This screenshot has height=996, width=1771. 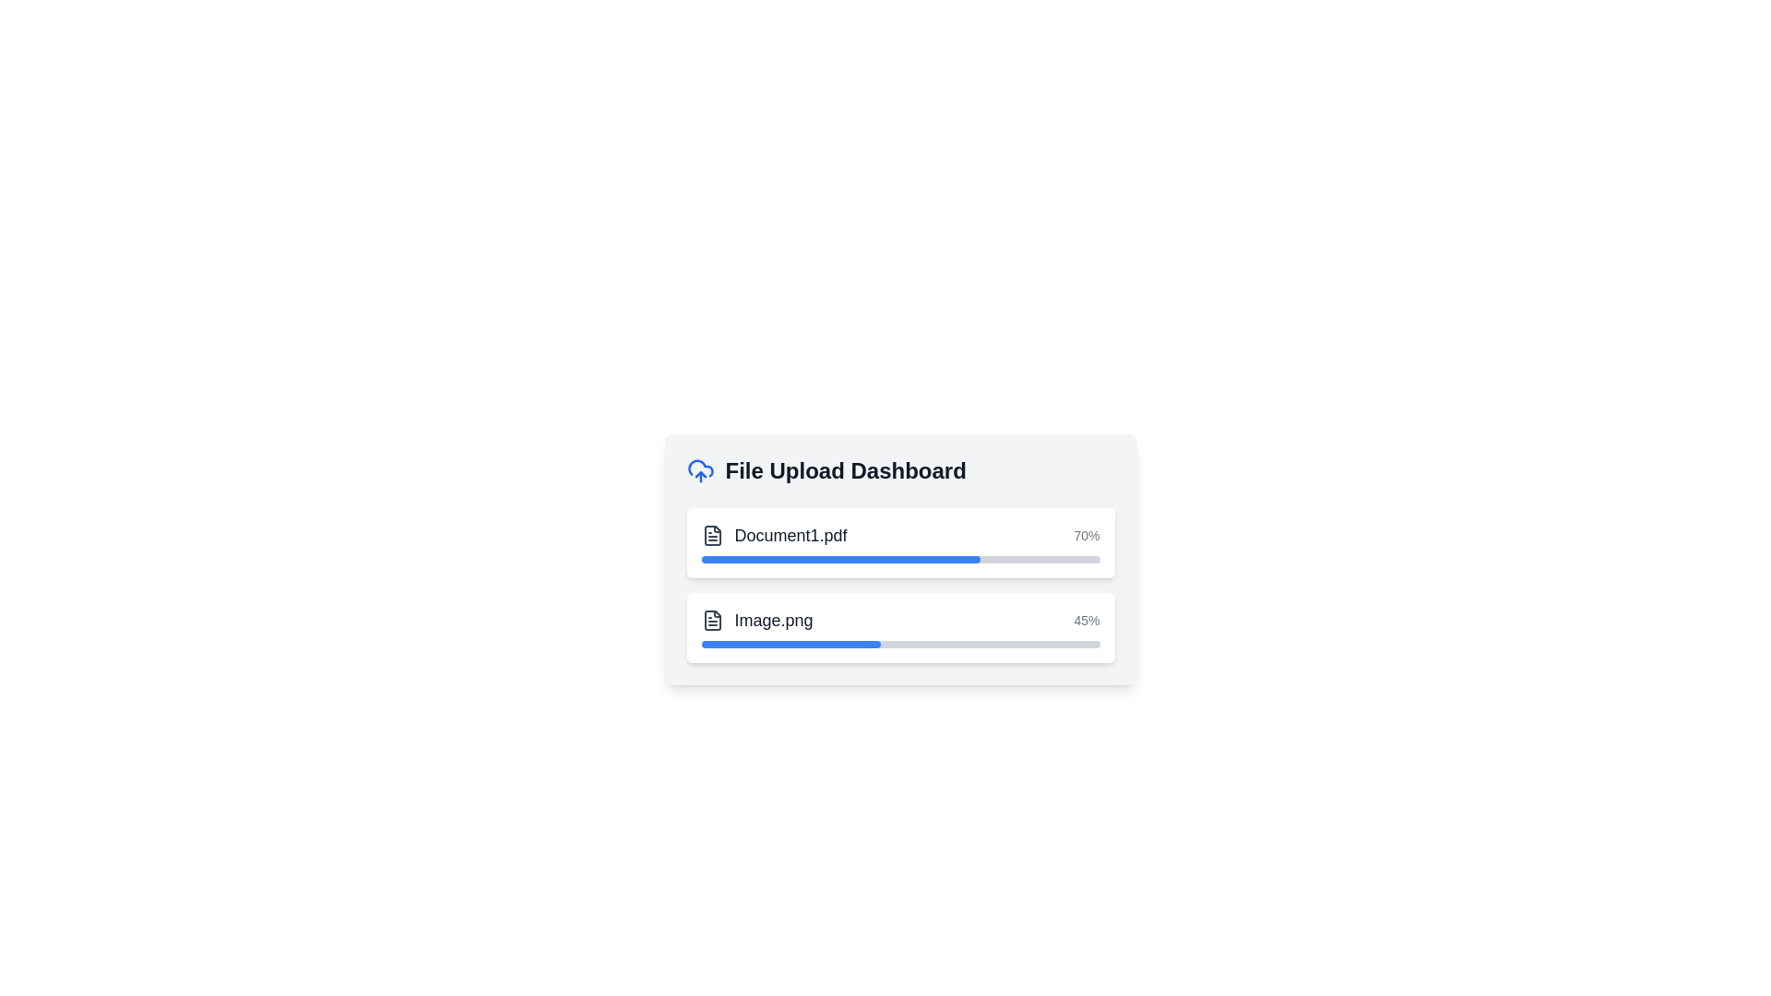 I want to click on the heading or text label that indicates the purpose of the file upload dashboard, which is positioned to the right of the cloud upload icon and above the file progress bars, so click(x=845, y=469).